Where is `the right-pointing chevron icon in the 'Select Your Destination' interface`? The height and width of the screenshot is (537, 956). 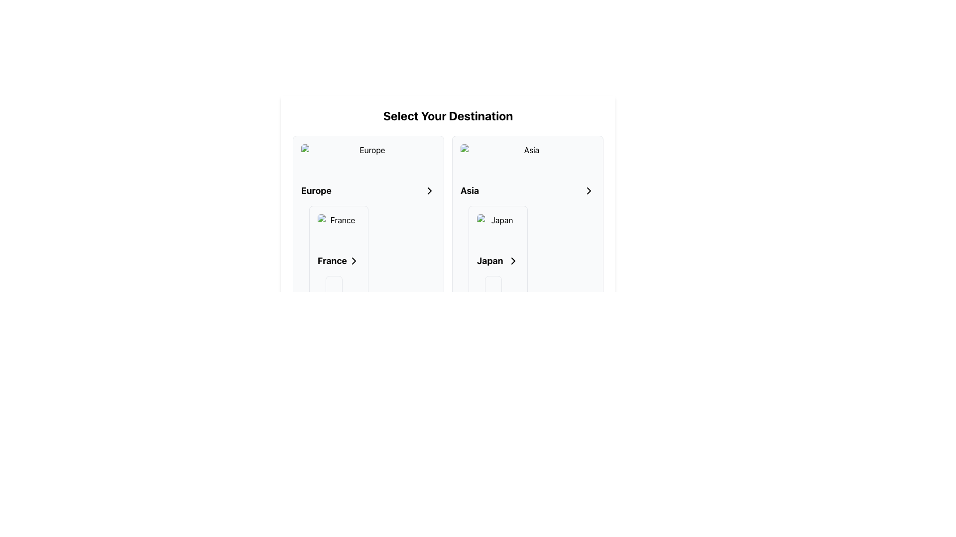 the right-pointing chevron icon in the 'Select Your Destination' interface is located at coordinates (430, 191).